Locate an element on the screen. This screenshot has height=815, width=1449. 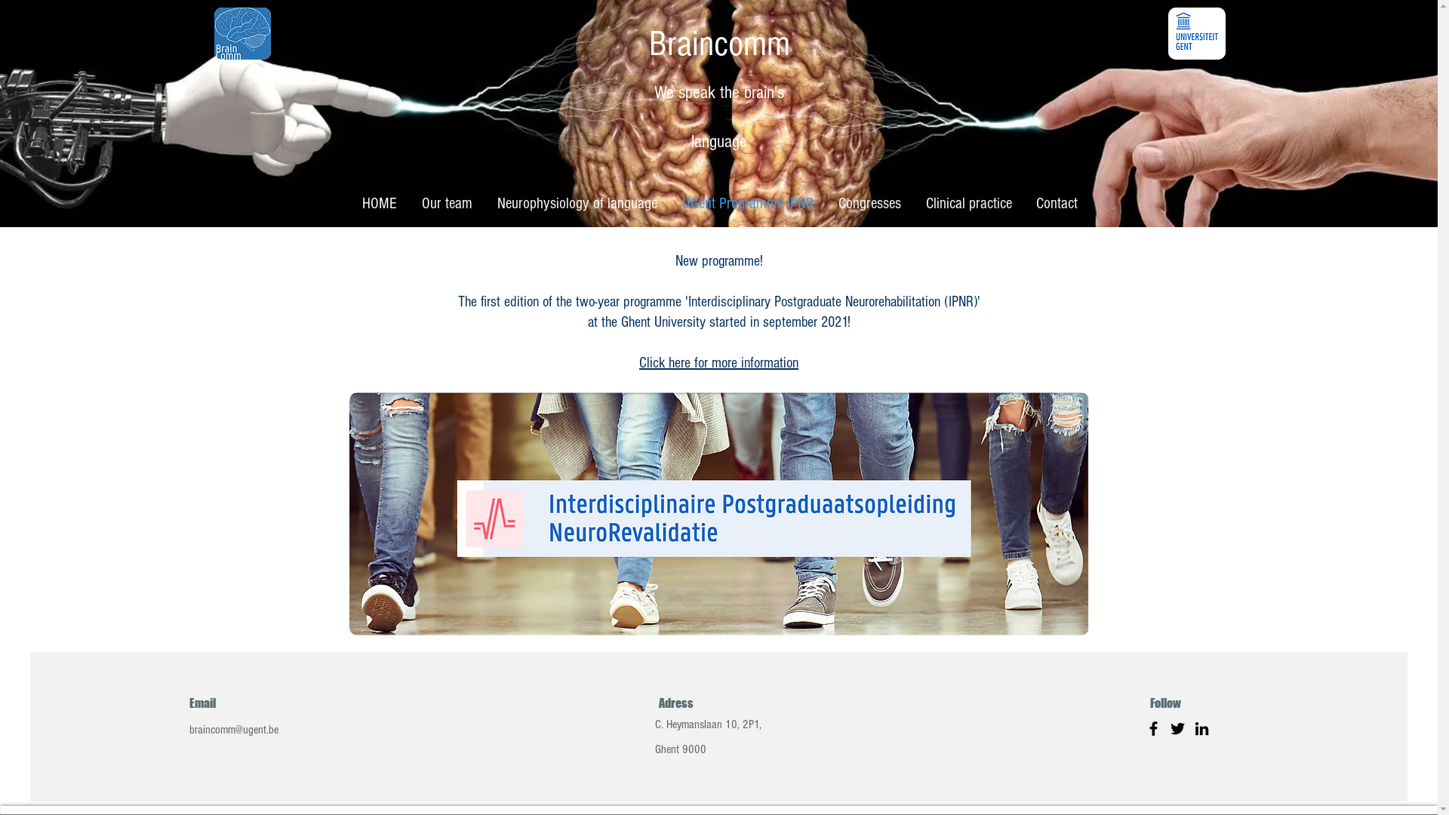
'Our team' is located at coordinates (445, 204).